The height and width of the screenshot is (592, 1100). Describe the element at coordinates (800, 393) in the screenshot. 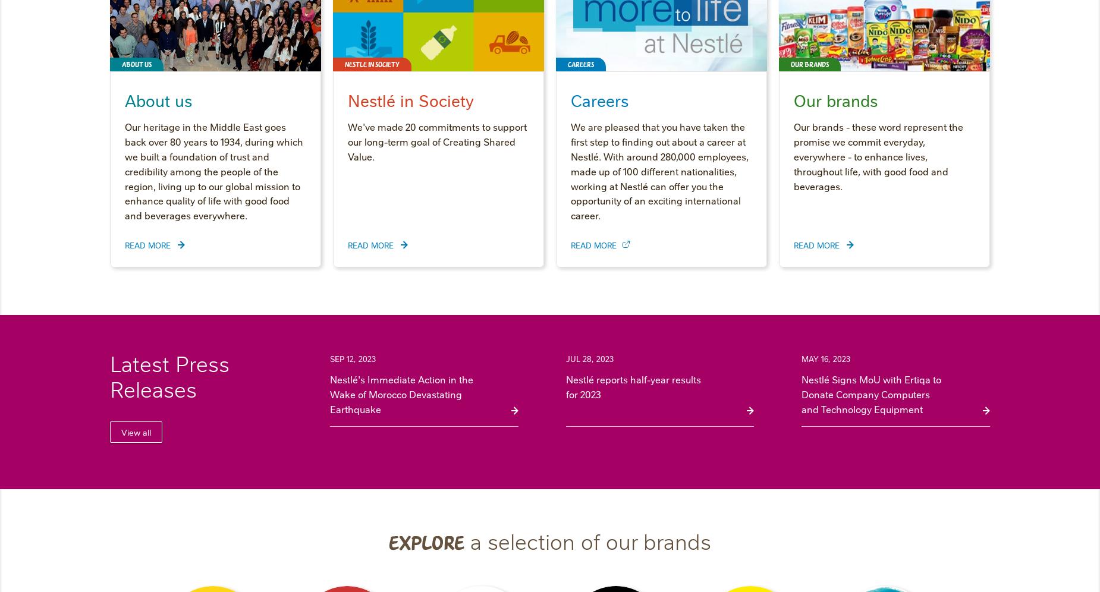

I see `'Nestlé Signs MoU with Ertiqa to Donate Company Computers and Technology Equipment'` at that location.